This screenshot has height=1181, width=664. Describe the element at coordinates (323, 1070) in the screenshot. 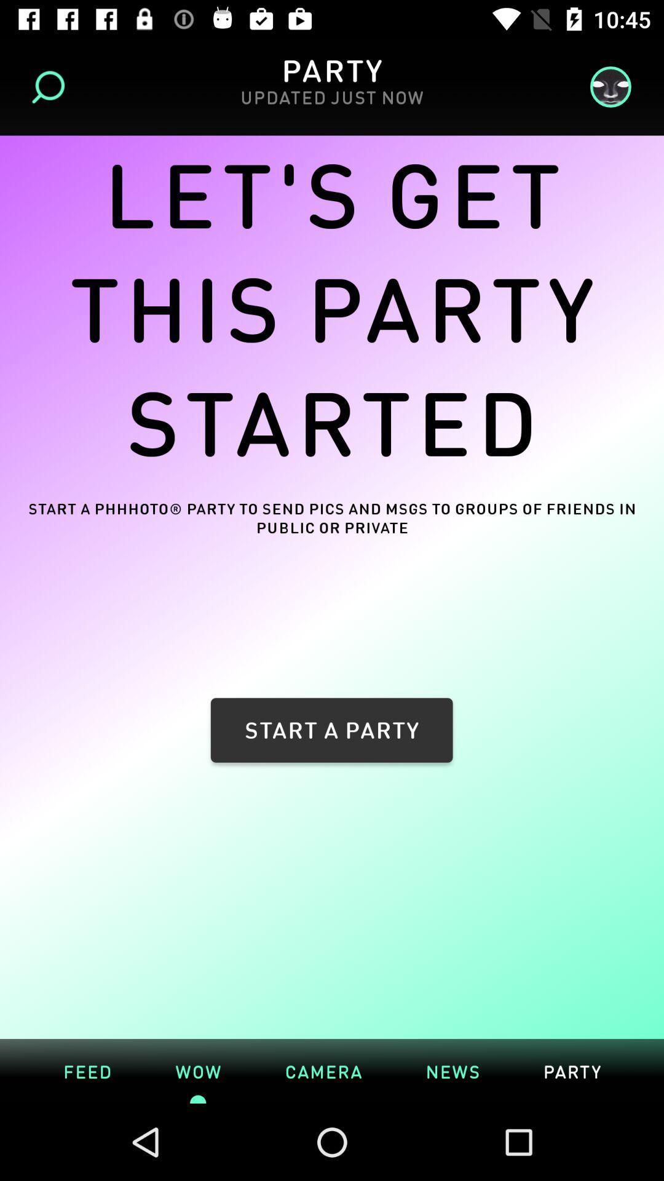

I see `item below the start a party icon` at that location.